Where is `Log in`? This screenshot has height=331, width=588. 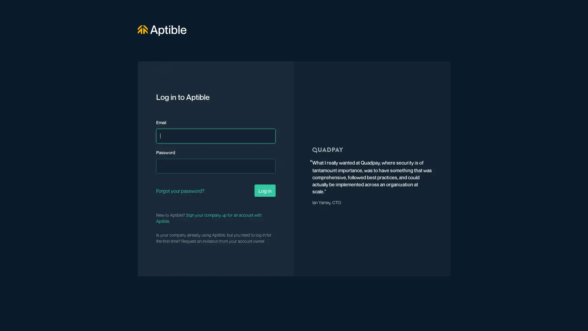
Log in is located at coordinates (265, 190).